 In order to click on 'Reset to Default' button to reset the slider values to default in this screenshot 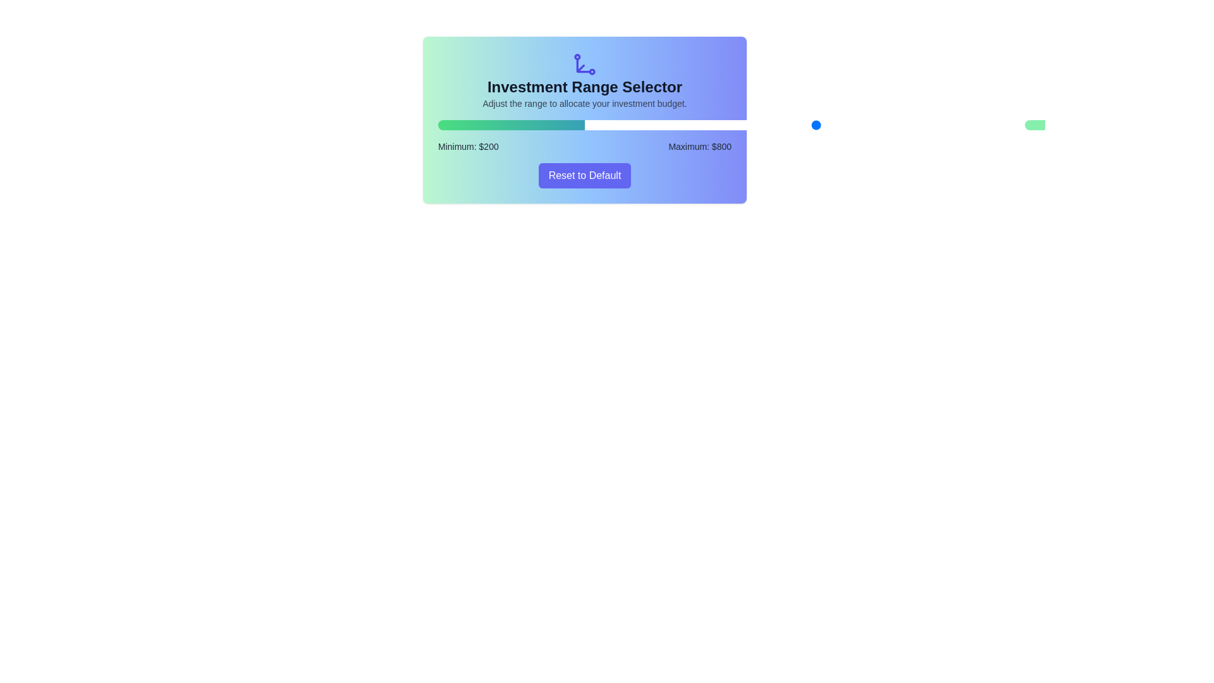, I will do `click(584, 175)`.